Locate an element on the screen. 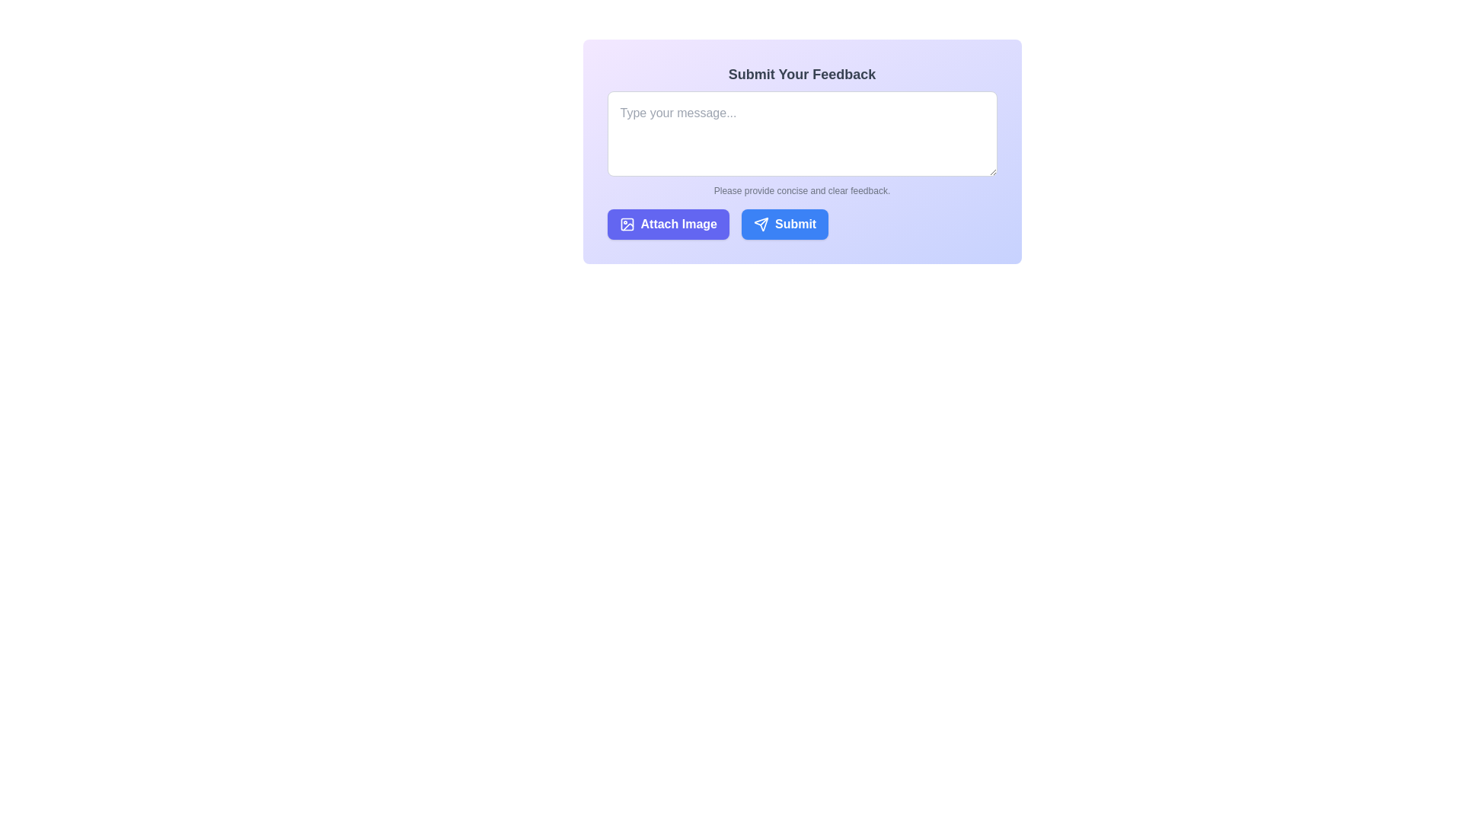  the paper plane icon within the 'Submit' button, which has a white outline against a blue background, located at the bottom right of the form panel is located at coordinates (761, 224).